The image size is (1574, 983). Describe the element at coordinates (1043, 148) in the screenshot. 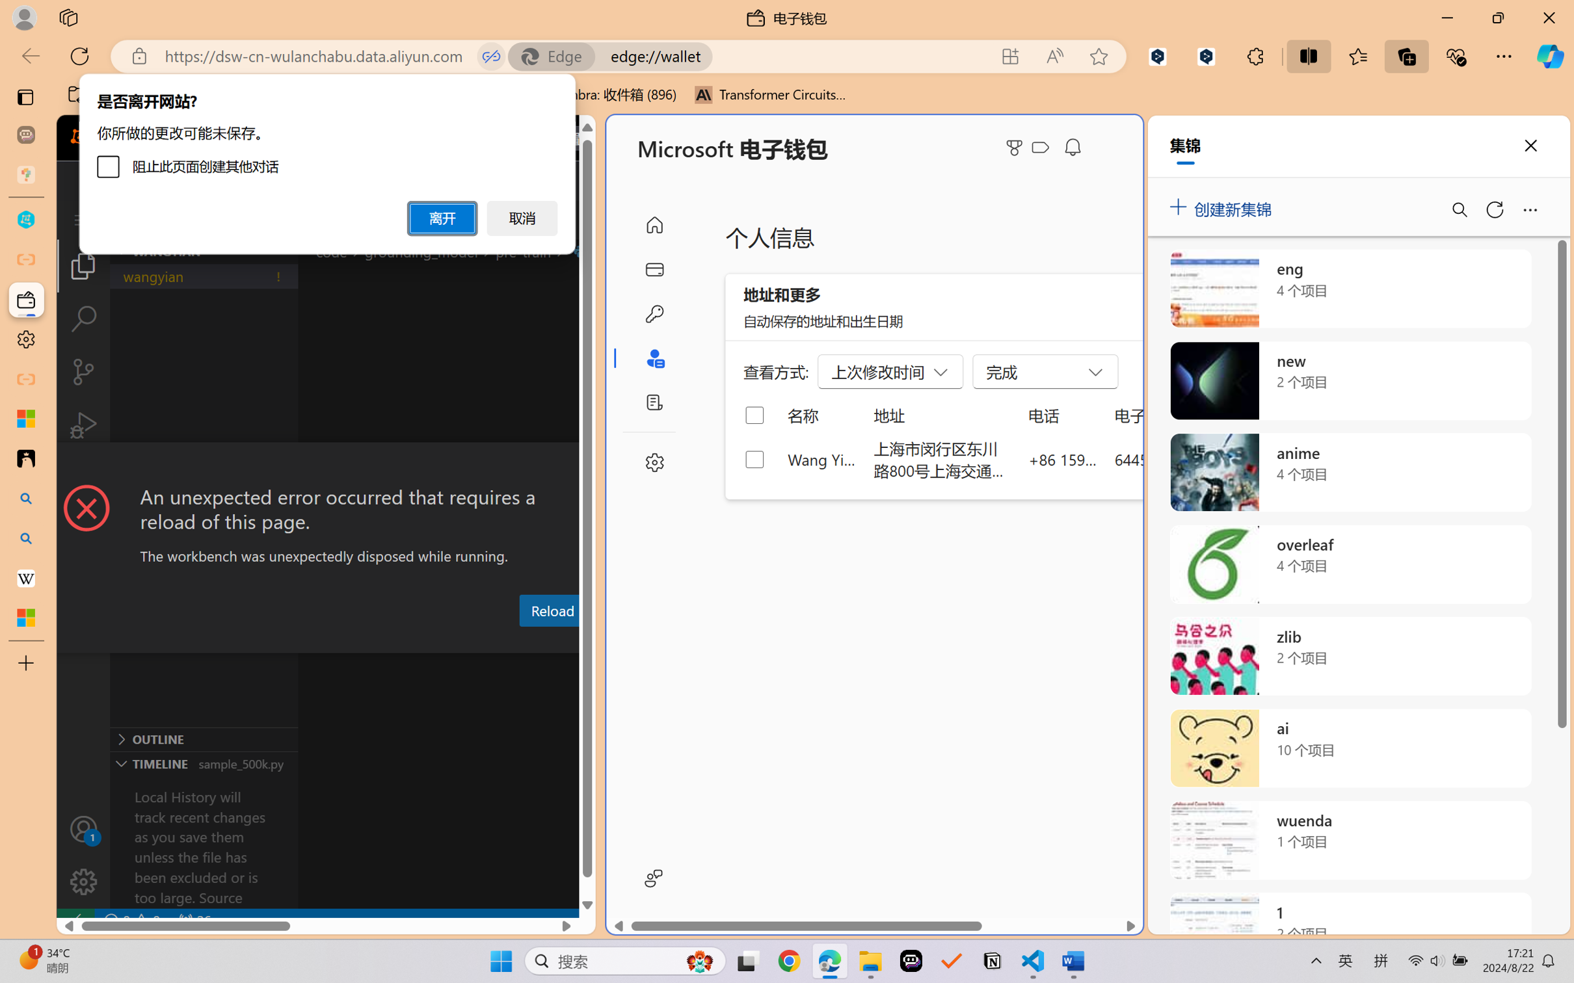

I see `'Microsoft Cashback'` at that location.